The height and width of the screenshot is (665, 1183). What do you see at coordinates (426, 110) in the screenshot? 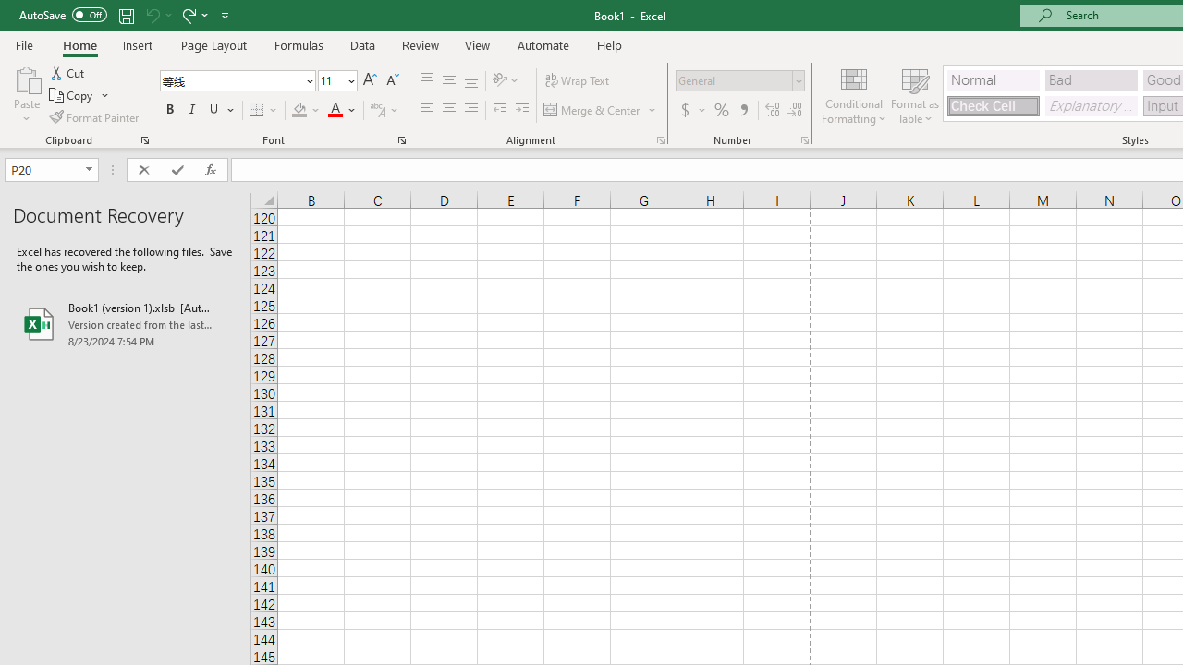
I see `'Align Left'` at bounding box center [426, 110].